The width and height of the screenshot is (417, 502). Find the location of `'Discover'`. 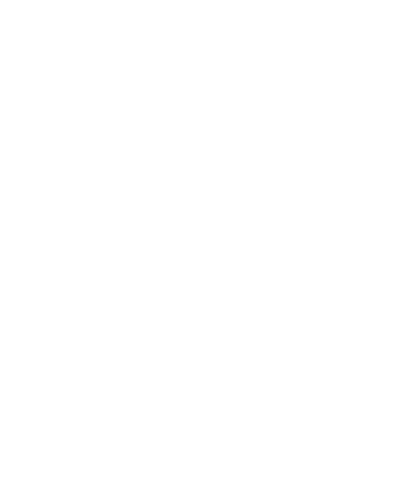

'Discover' is located at coordinates (39, 191).